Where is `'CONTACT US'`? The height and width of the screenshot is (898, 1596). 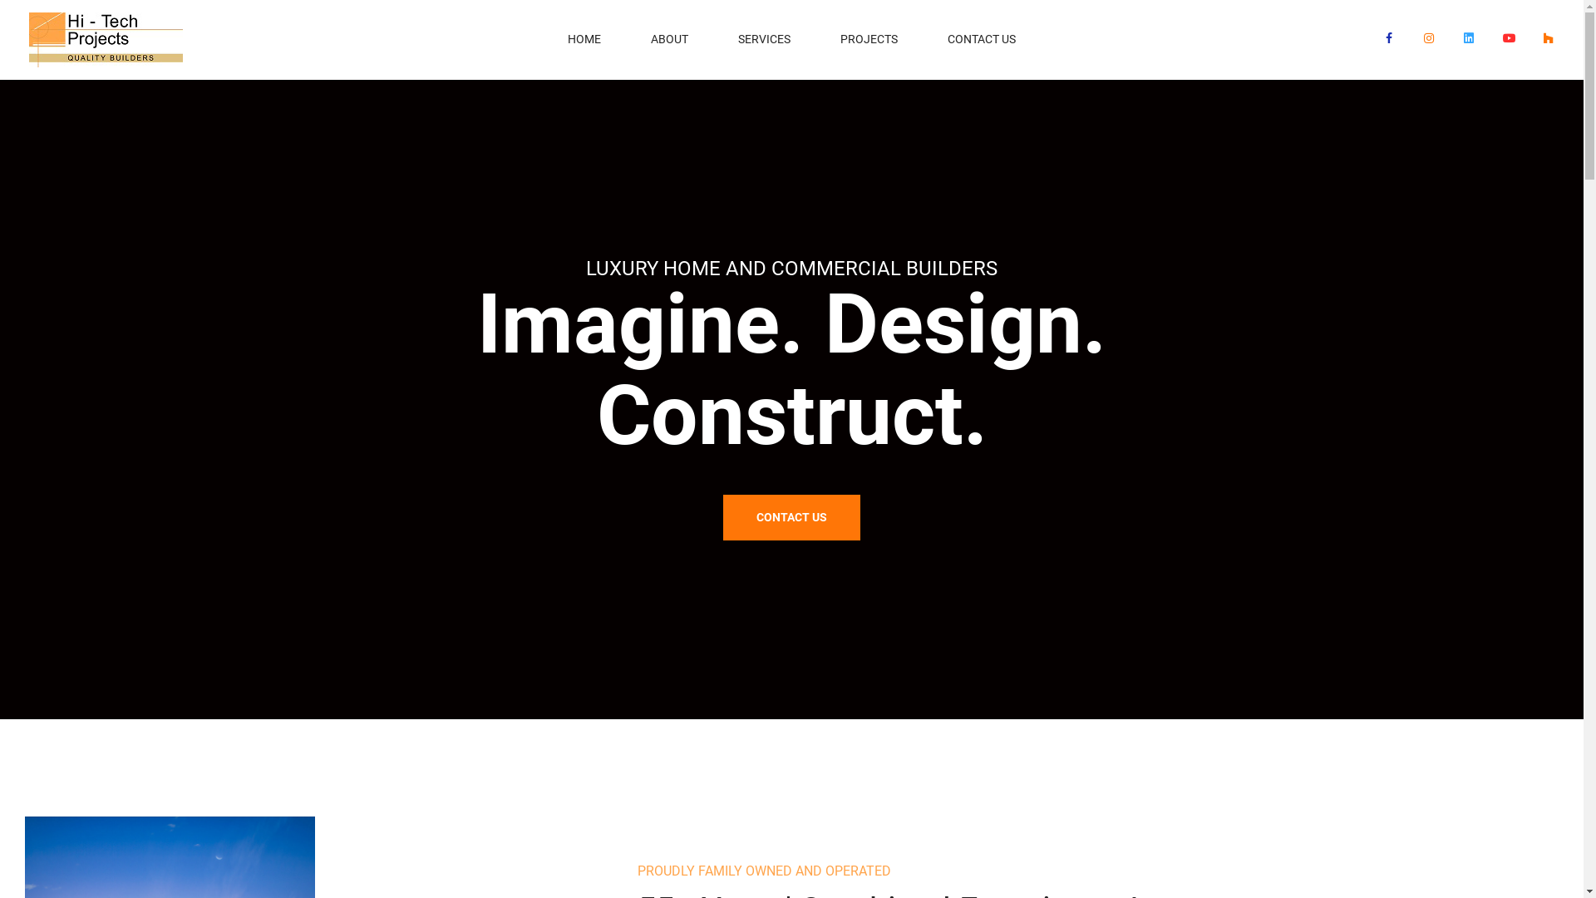 'CONTACT US' is located at coordinates (981, 38).